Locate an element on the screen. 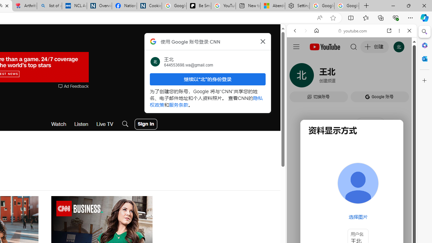 Image resolution: width=432 pixels, height=243 pixels. 'Watch' is located at coordinates (59, 124).